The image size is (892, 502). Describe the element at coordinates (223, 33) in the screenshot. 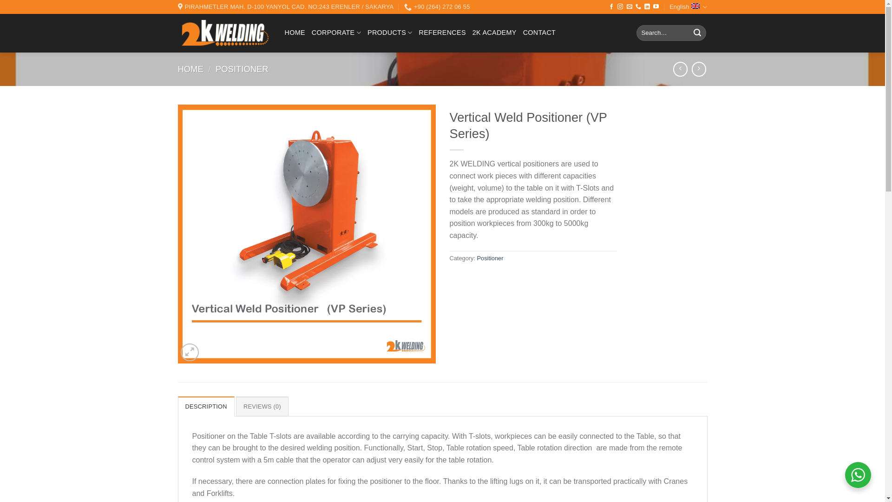

I see `'2k Welding - Your Solution Partner'` at that location.